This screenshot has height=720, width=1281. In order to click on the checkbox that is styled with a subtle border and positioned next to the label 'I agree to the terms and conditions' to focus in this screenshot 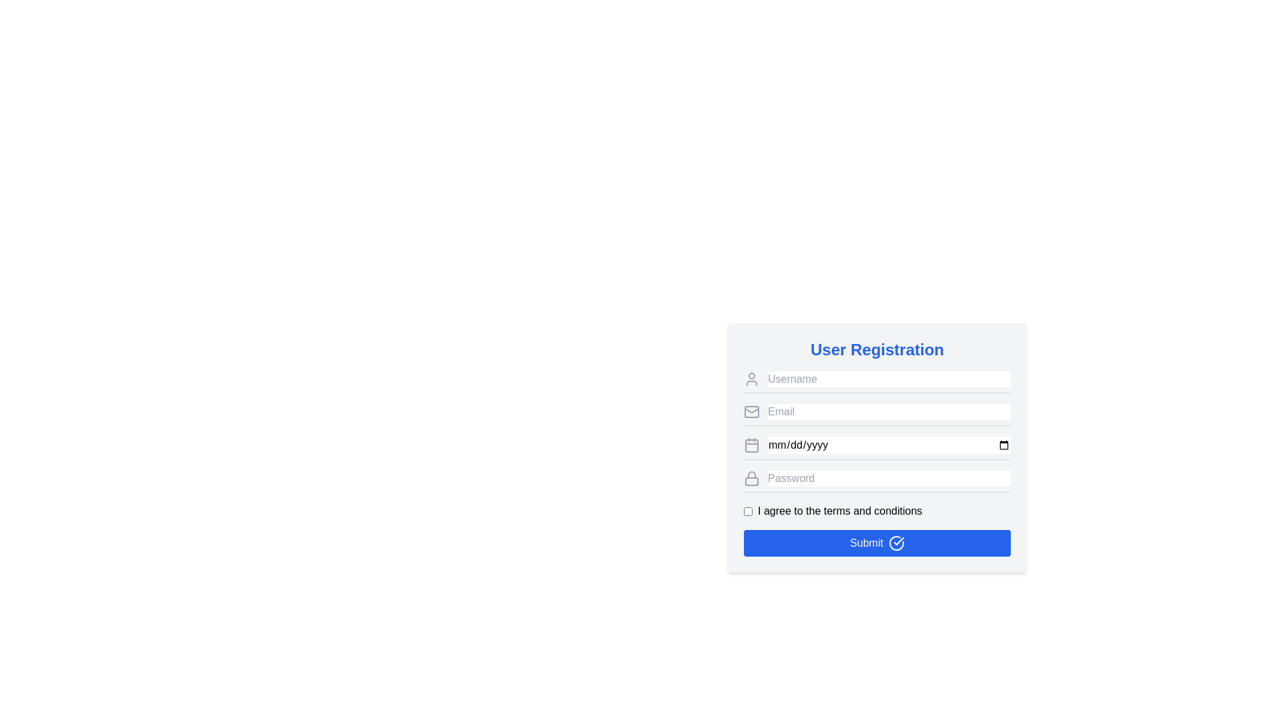, I will do `click(748, 511)`.